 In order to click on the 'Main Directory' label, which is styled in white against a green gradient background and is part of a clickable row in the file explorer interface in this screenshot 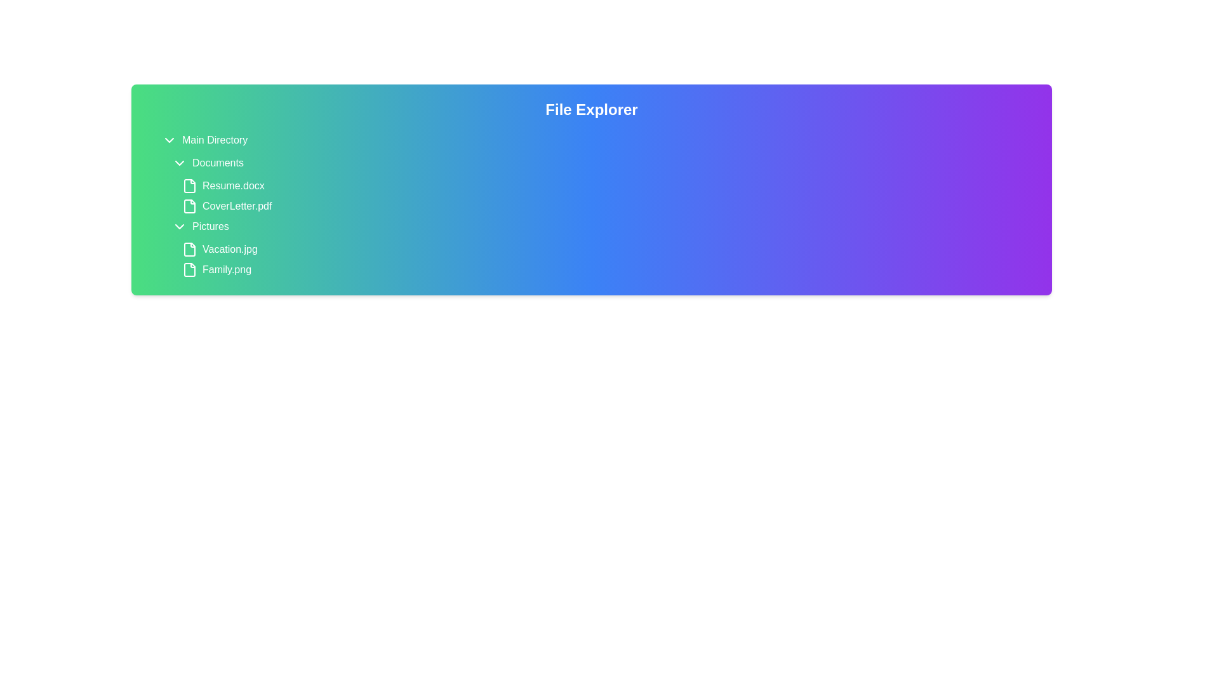, I will do `click(215, 140)`.